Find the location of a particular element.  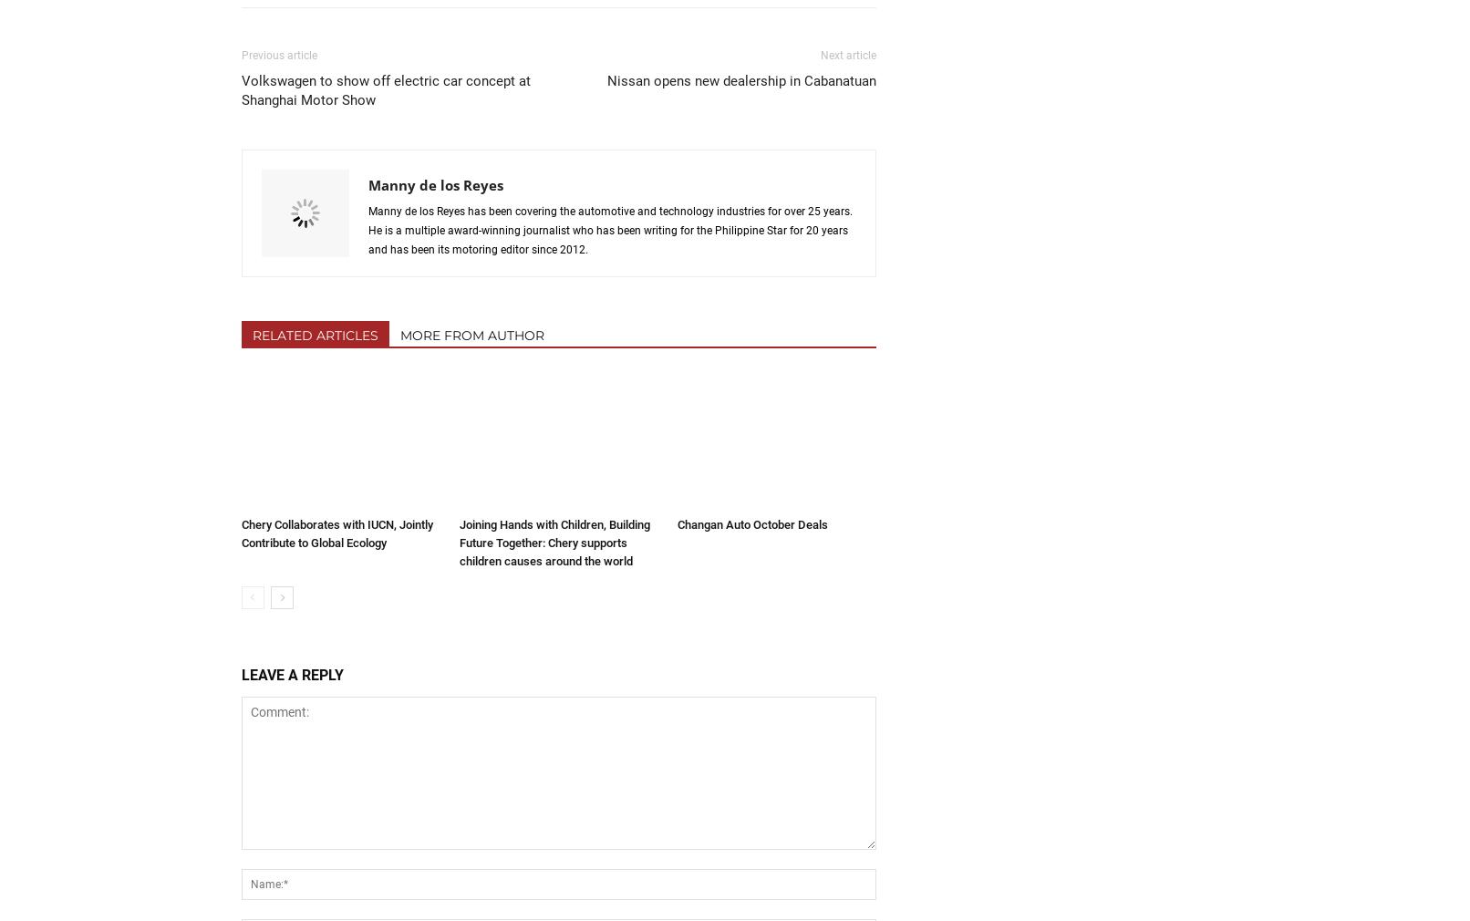

'Manny de los Reyes' is located at coordinates (433, 183).